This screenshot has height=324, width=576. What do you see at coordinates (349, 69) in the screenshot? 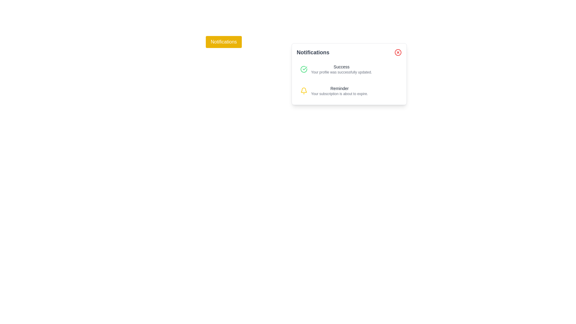
I see `the notification message styled with a green circular icon featuring a checkmark, which reads 'Success' followed by 'Your profile was successfully updated.'` at bounding box center [349, 69].